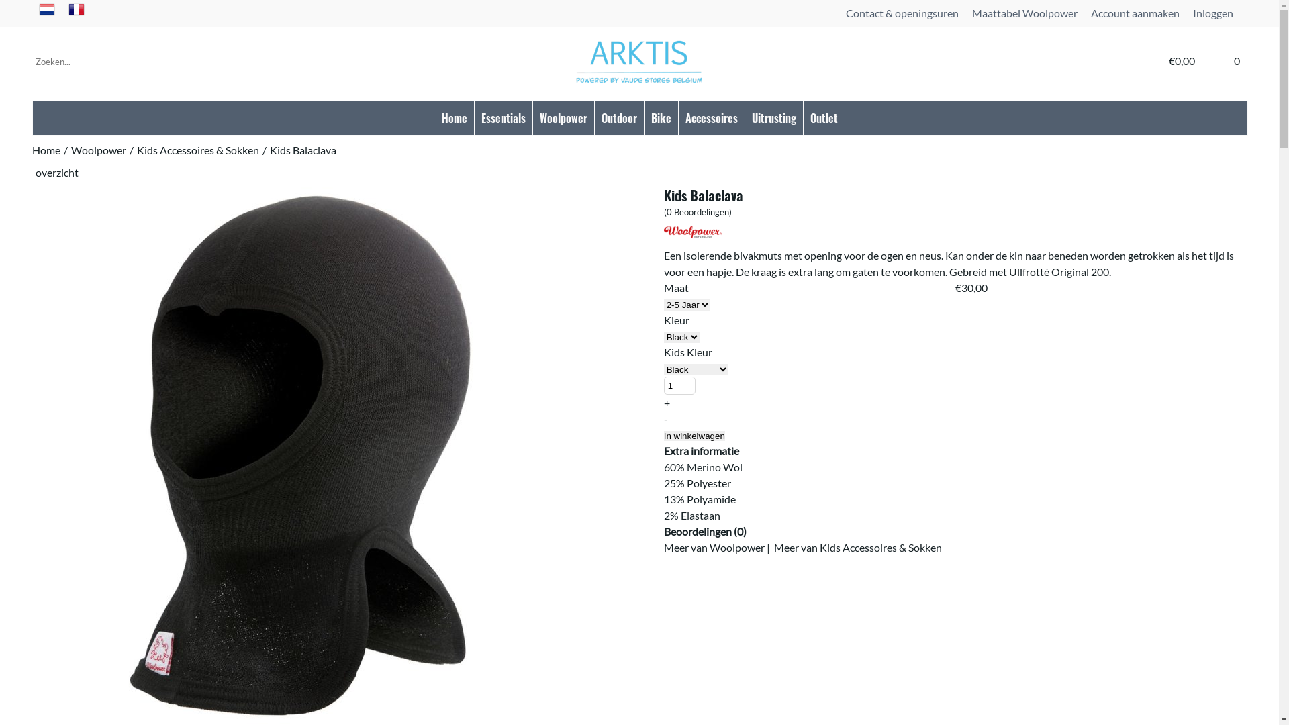  I want to click on 'overzicht', so click(56, 171).